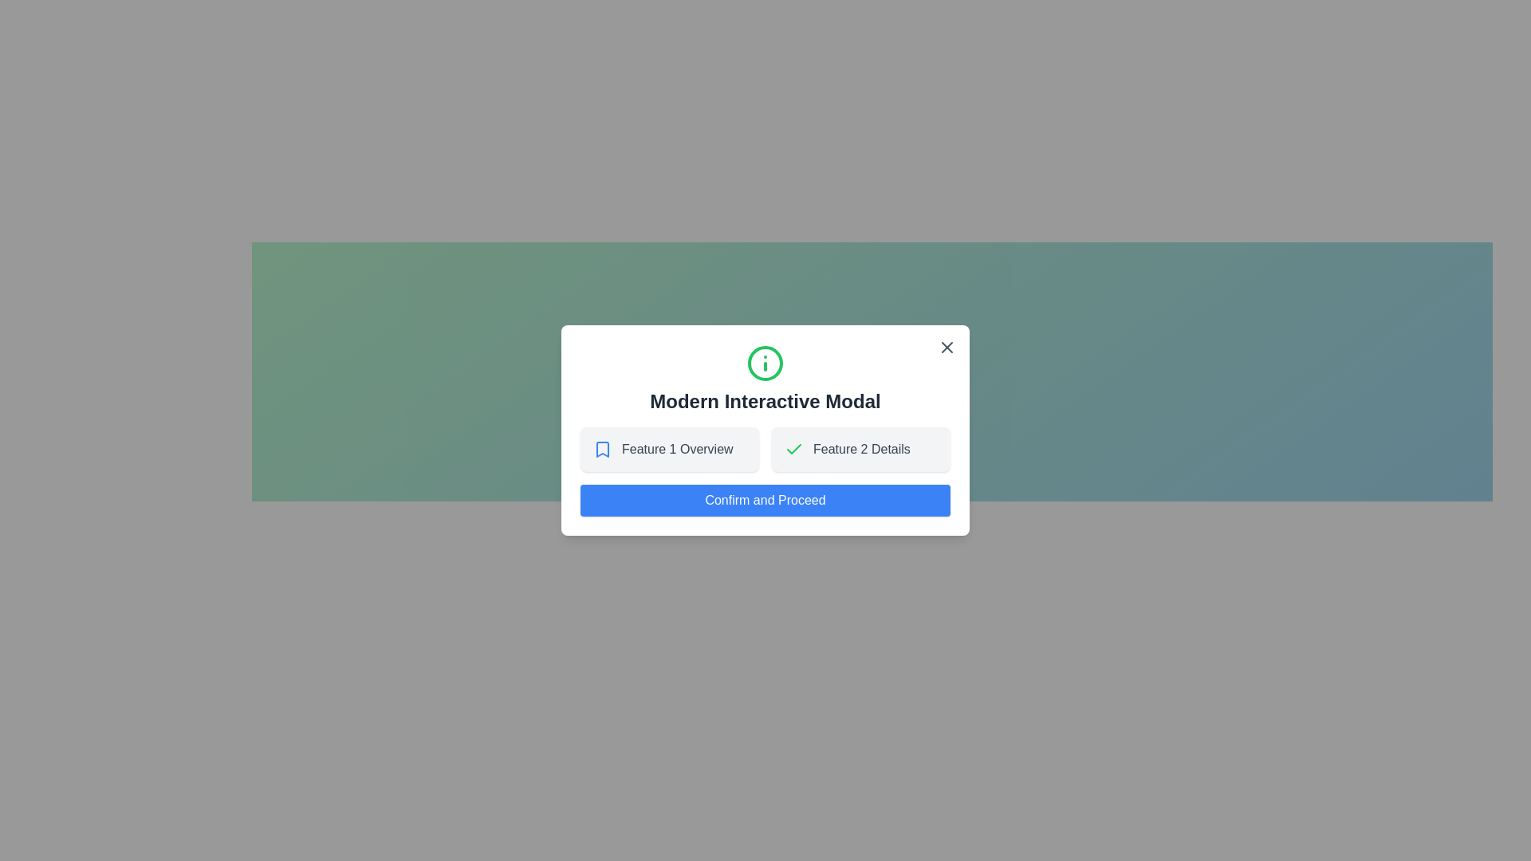  I want to click on the close button located at the top-right corner of the modal dialog adjacent to the title 'Modern Interactive Modal', so click(947, 346).